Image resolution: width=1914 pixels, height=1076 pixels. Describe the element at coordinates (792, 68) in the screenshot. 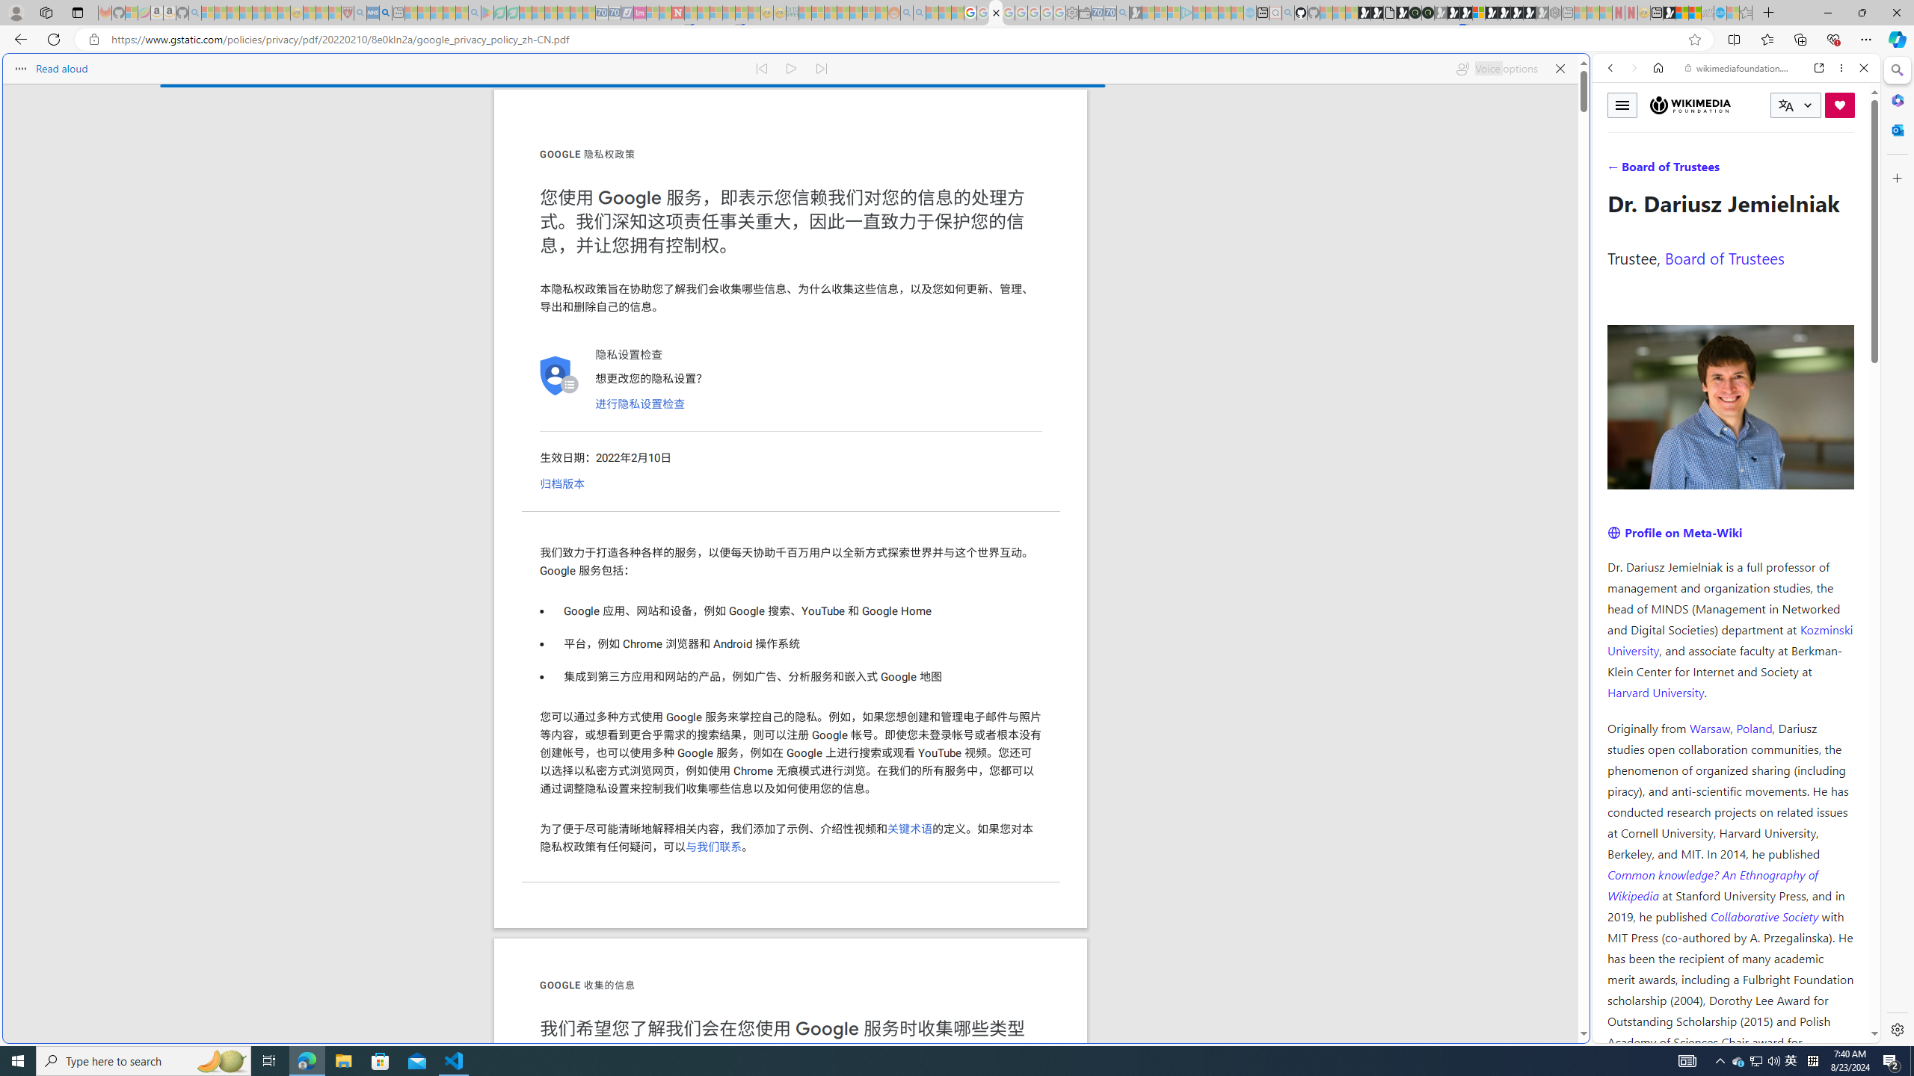

I see `'Continue to read aloud (Ctrl+Shift+U)'` at that location.